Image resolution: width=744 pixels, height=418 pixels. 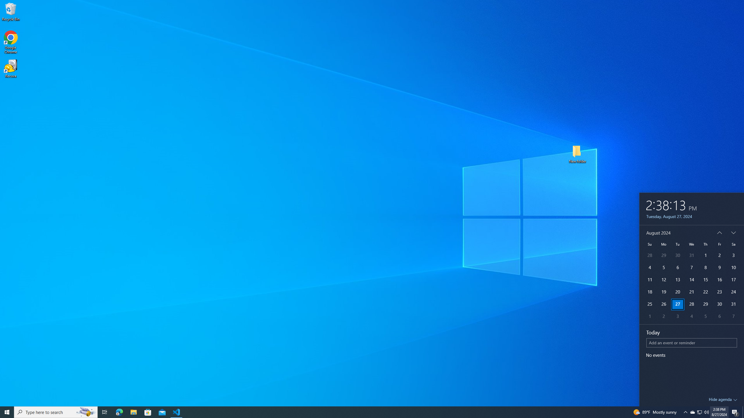 I want to click on 'Notification Chevron', so click(x=686, y=412).